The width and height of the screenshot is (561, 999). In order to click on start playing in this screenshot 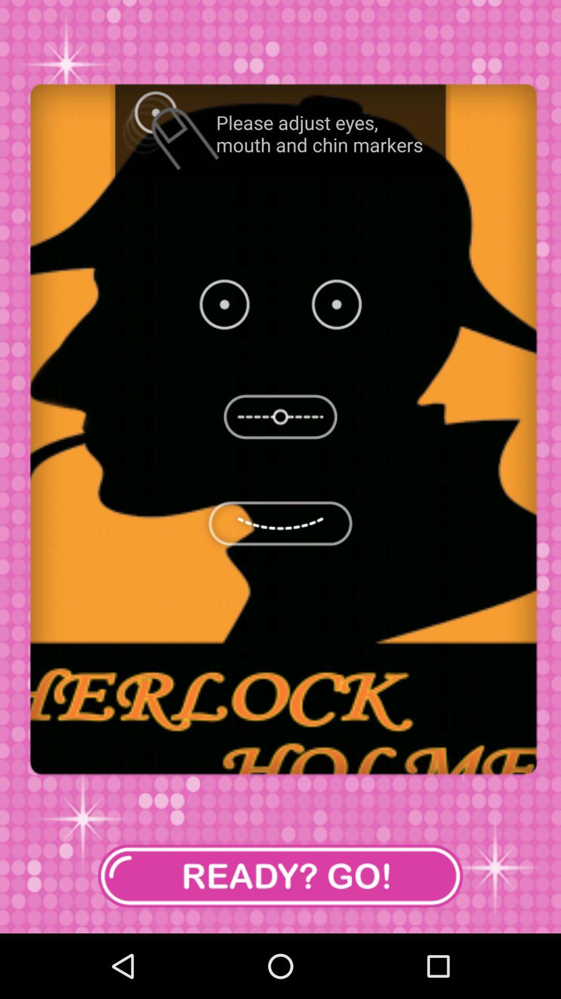, I will do `click(280, 875)`.